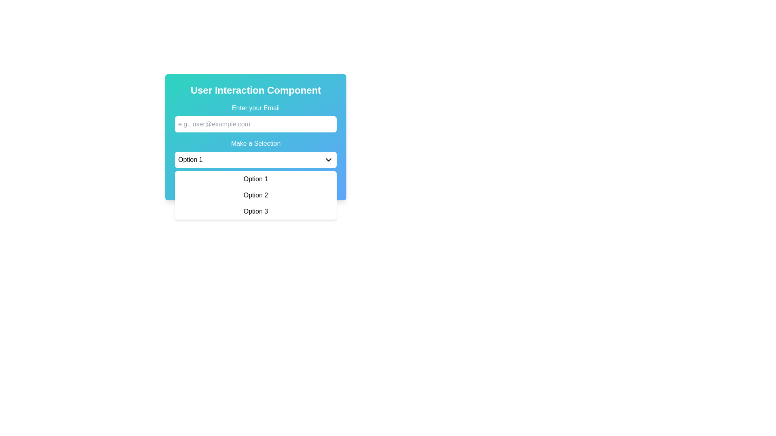 The width and height of the screenshot is (776, 436). I want to click on a specific option in the dropdown menu located below the input labeled 'Option 1' to make a selection, so click(255, 195).